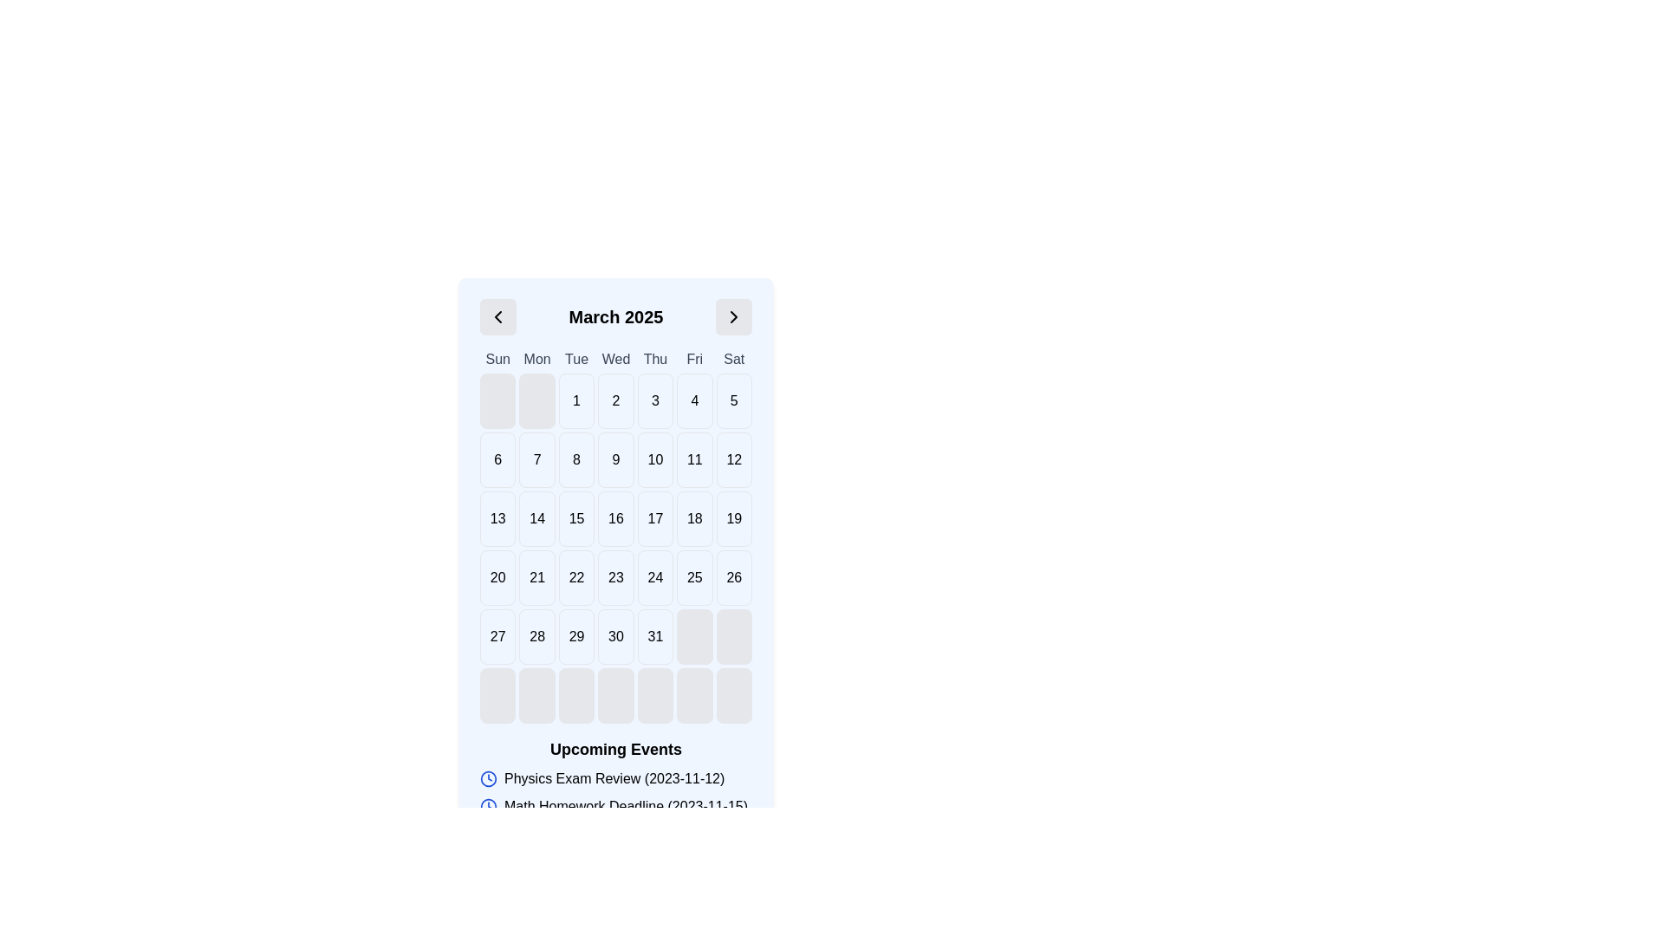 The image size is (1664, 936). I want to click on the interactive calendar cell representing the 27th day of the month, so click(497, 637).